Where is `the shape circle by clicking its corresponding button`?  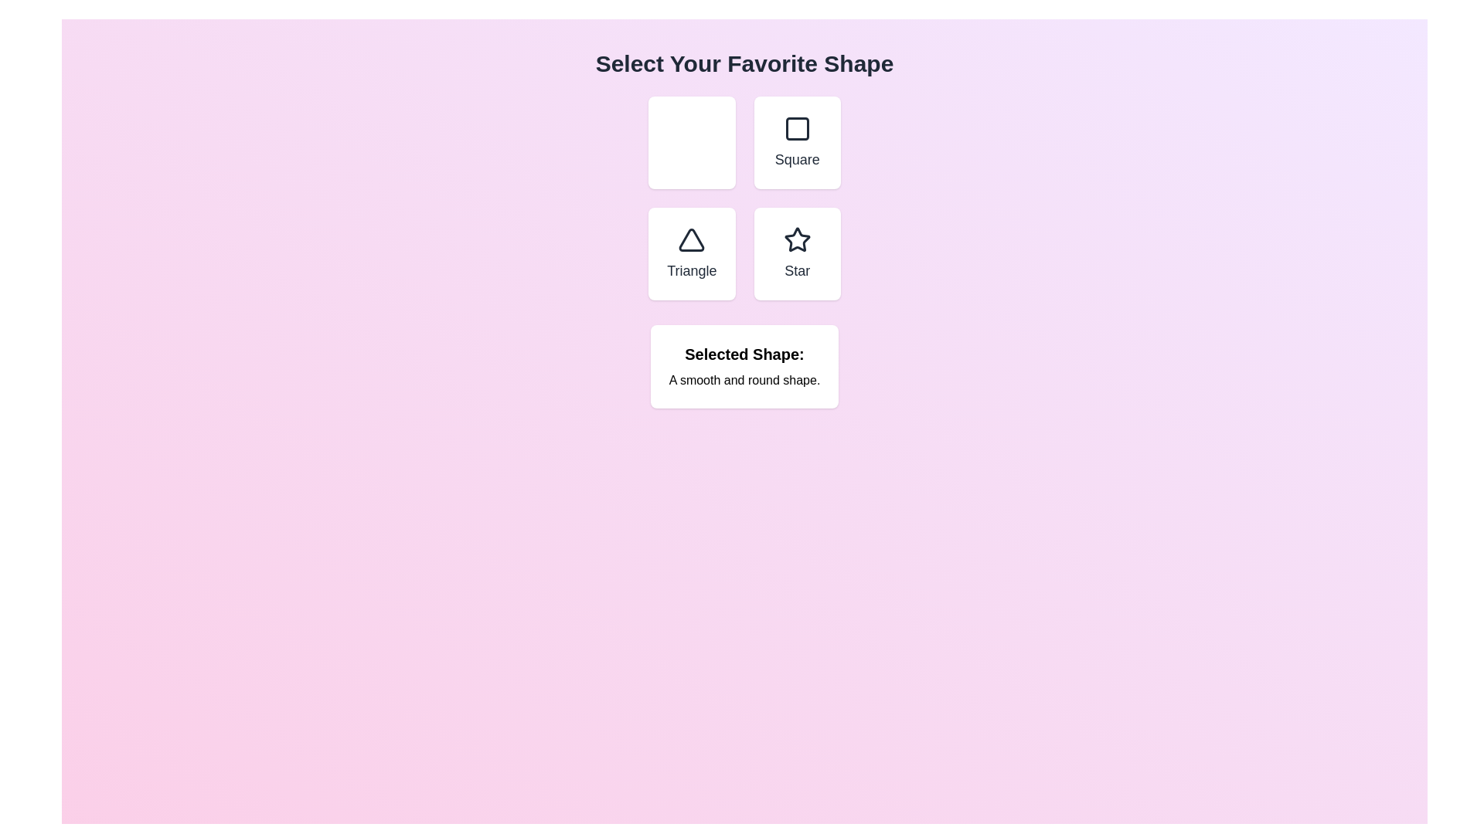 the shape circle by clicking its corresponding button is located at coordinates (690, 143).